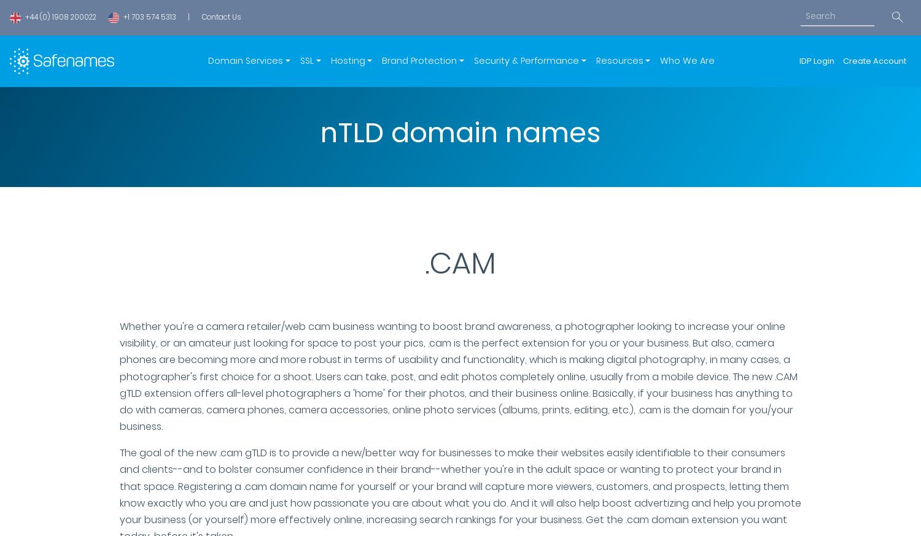 This screenshot has width=921, height=536. I want to click on '.CAM', so click(424, 262).